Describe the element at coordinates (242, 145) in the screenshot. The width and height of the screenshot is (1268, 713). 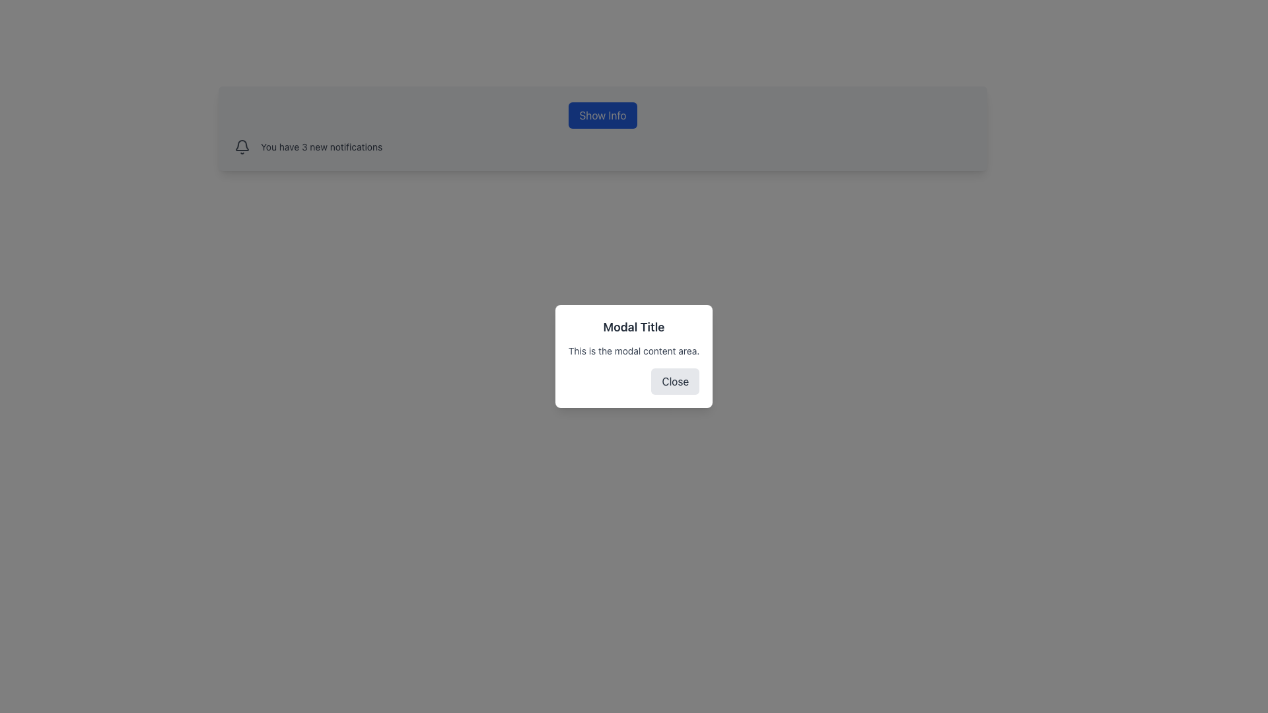
I see `the gray-filled body or clapper part of the bell icon located in the top-left corner of the horizontal notification banner` at that location.